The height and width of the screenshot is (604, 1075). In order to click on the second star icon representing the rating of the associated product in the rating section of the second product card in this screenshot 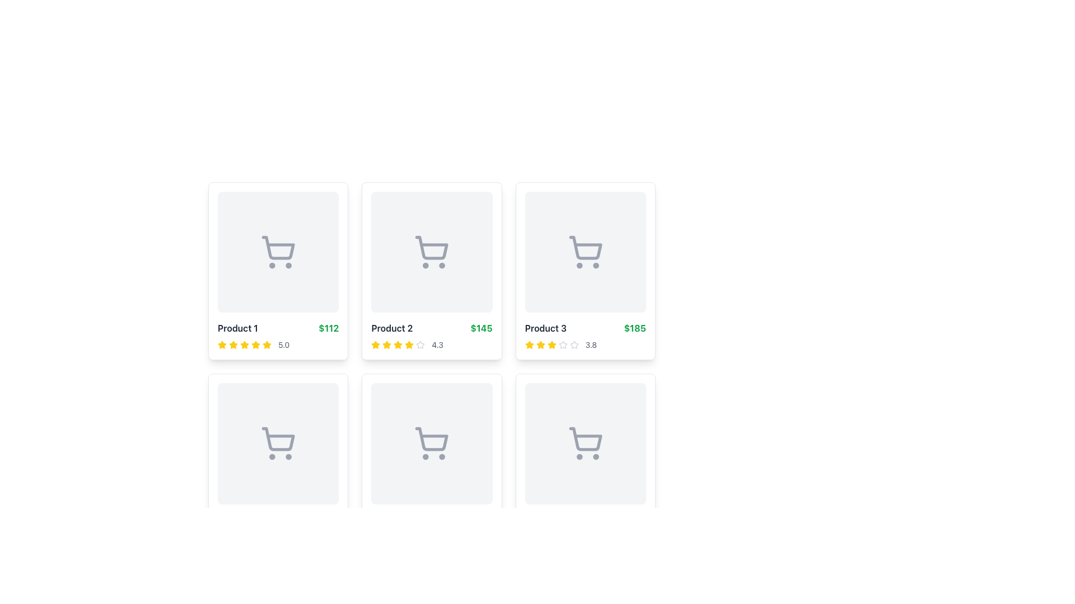, I will do `click(376, 345)`.